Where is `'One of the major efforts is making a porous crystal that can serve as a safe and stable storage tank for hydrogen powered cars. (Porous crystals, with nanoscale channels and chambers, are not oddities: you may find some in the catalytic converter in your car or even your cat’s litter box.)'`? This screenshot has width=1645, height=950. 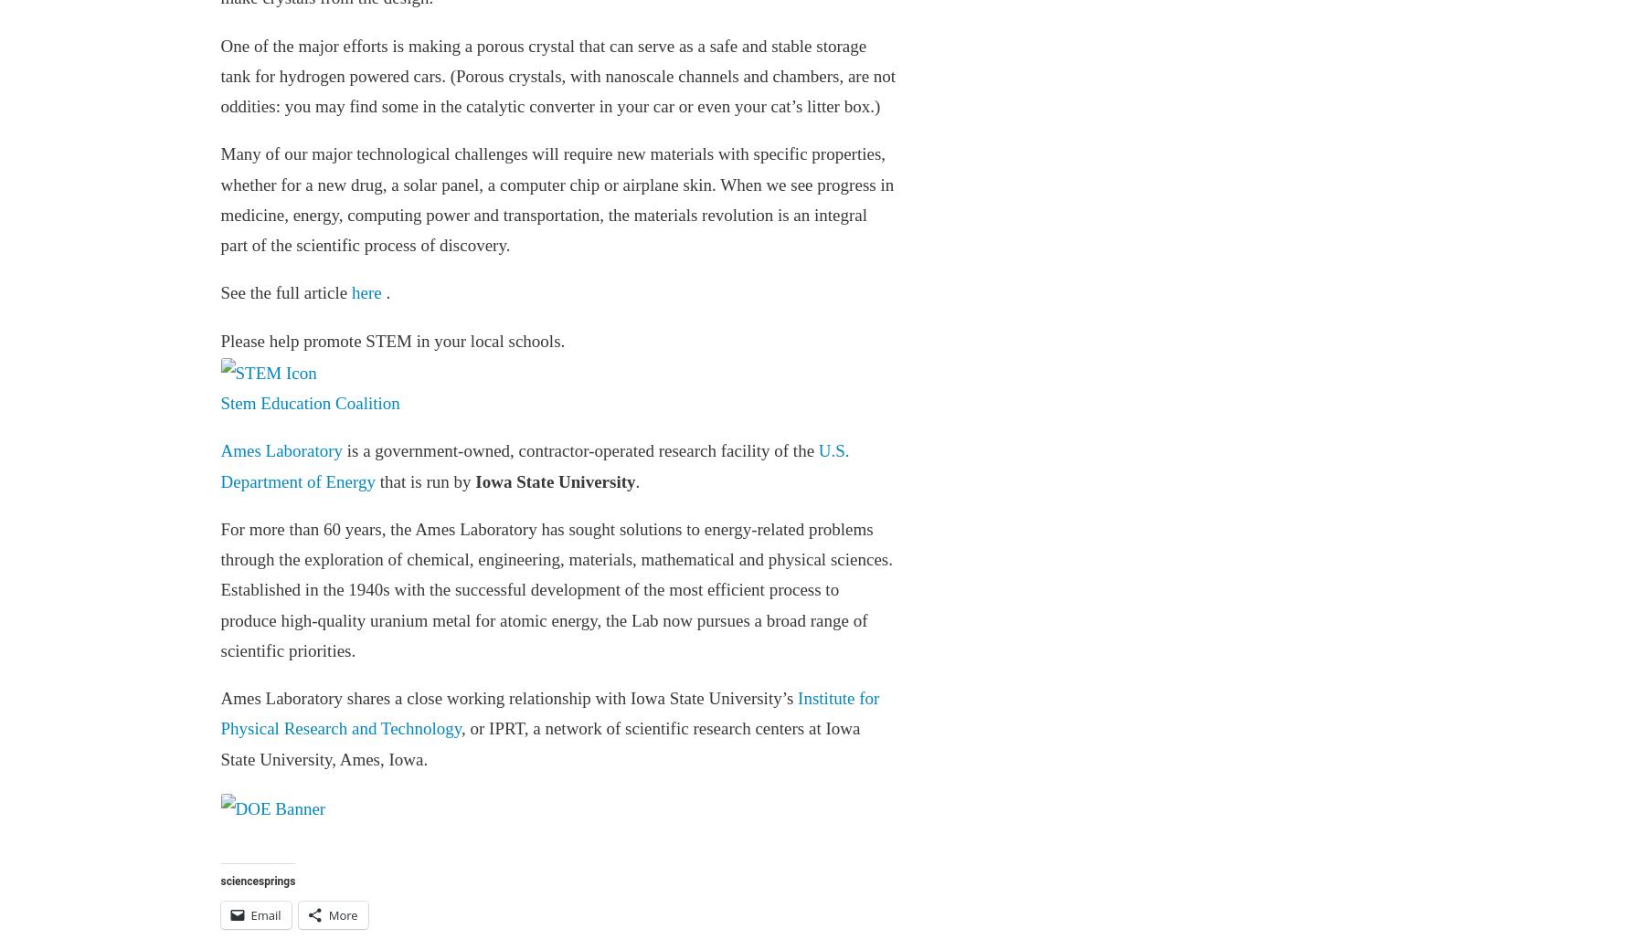
'One of the major efforts is making a porous crystal that can serve as a safe and stable storage tank for hydrogen powered cars. (Porous crystals, with nanoscale channels and chambers, are not oddities: you may find some in the catalytic converter in your car or even your cat’s litter box.)' is located at coordinates (557, 74).